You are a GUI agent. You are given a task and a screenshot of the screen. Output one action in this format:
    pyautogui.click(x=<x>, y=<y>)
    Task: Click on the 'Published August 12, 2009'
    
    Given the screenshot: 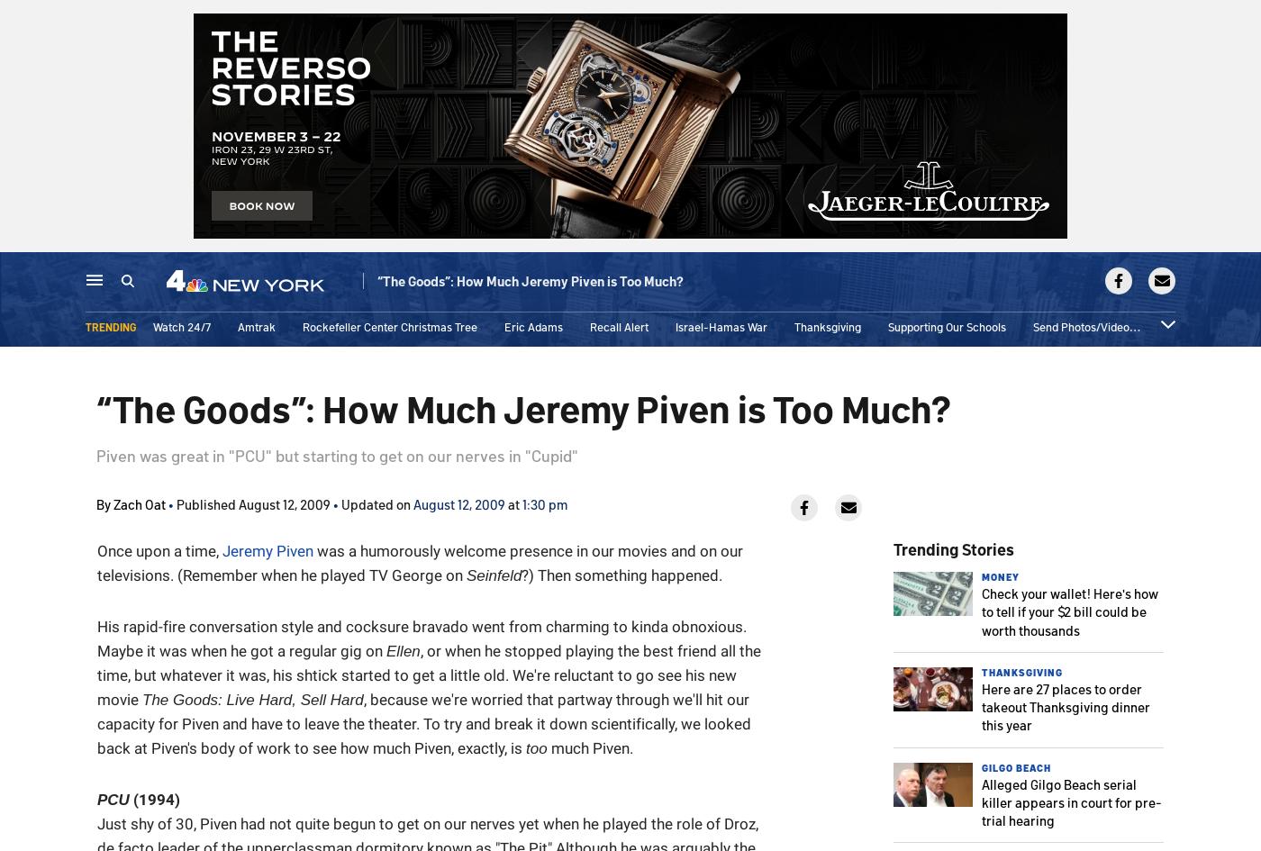 What is the action you would take?
    pyautogui.click(x=253, y=503)
    